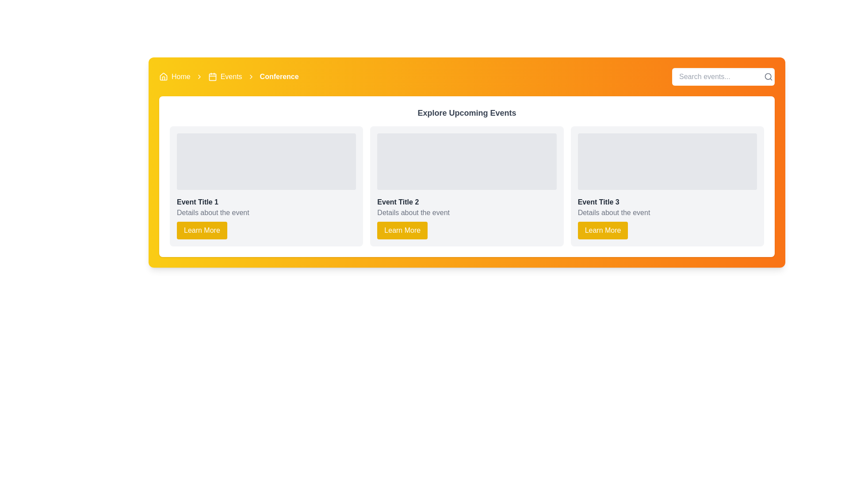  I want to click on the yellow 'Learn More' button with rounded corners located beneath the event details and title, positioned at the bottom-left of the card layout, so click(201, 230).